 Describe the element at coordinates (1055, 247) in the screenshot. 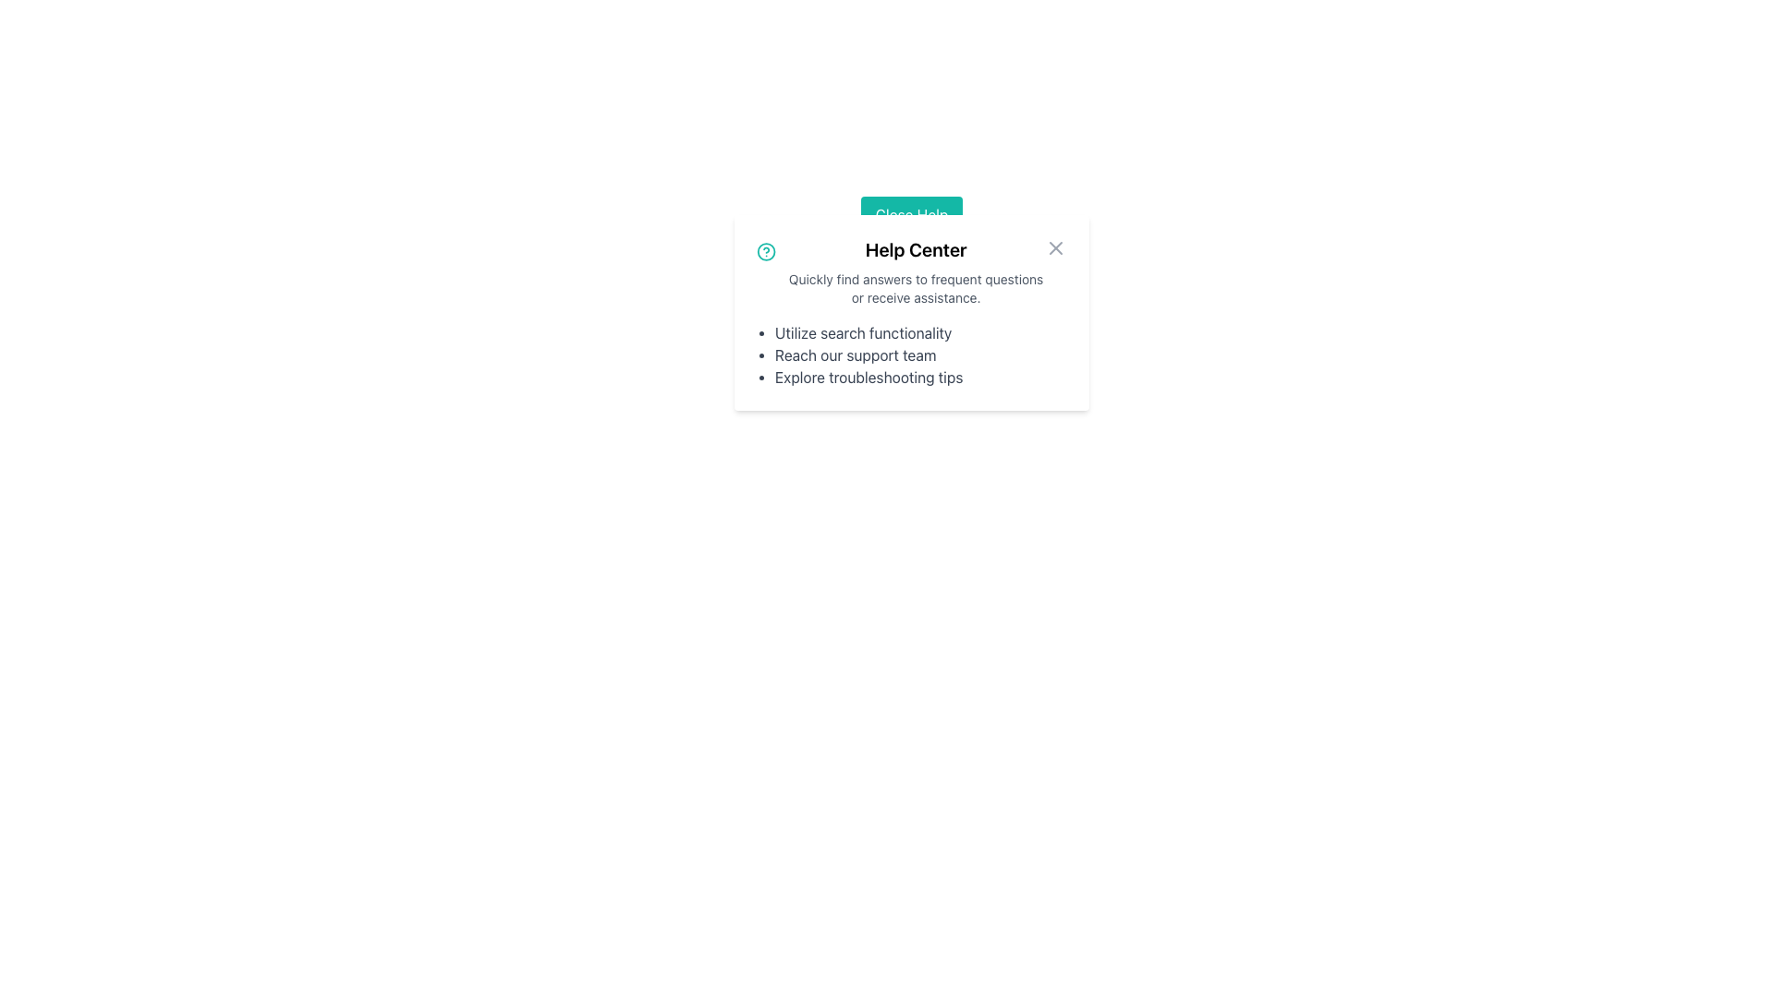

I see `the small, circular gray close button located at the top-right corner of the card containing 'Help Center'` at that location.